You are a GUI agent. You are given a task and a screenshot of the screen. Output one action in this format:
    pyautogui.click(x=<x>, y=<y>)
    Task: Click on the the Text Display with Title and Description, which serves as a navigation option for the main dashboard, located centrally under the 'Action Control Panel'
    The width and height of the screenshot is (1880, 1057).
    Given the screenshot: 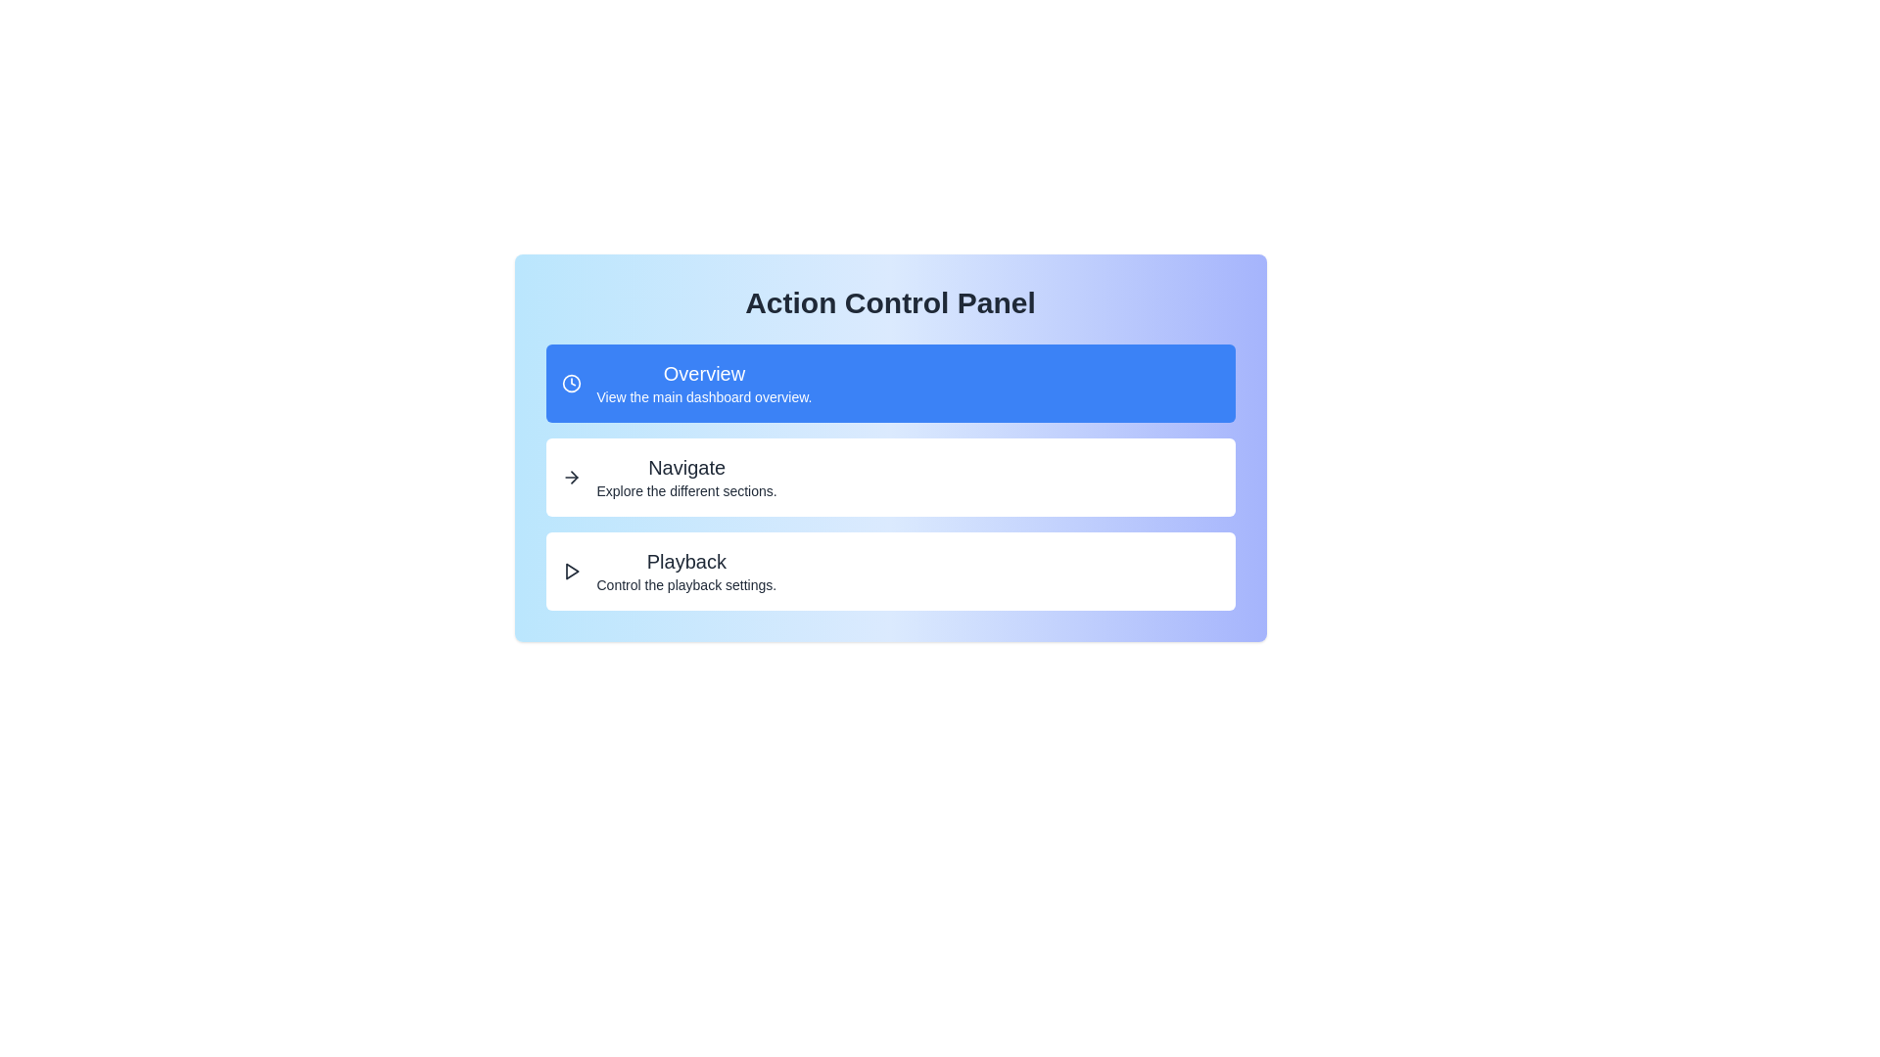 What is the action you would take?
    pyautogui.click(x=704, y=384)
    